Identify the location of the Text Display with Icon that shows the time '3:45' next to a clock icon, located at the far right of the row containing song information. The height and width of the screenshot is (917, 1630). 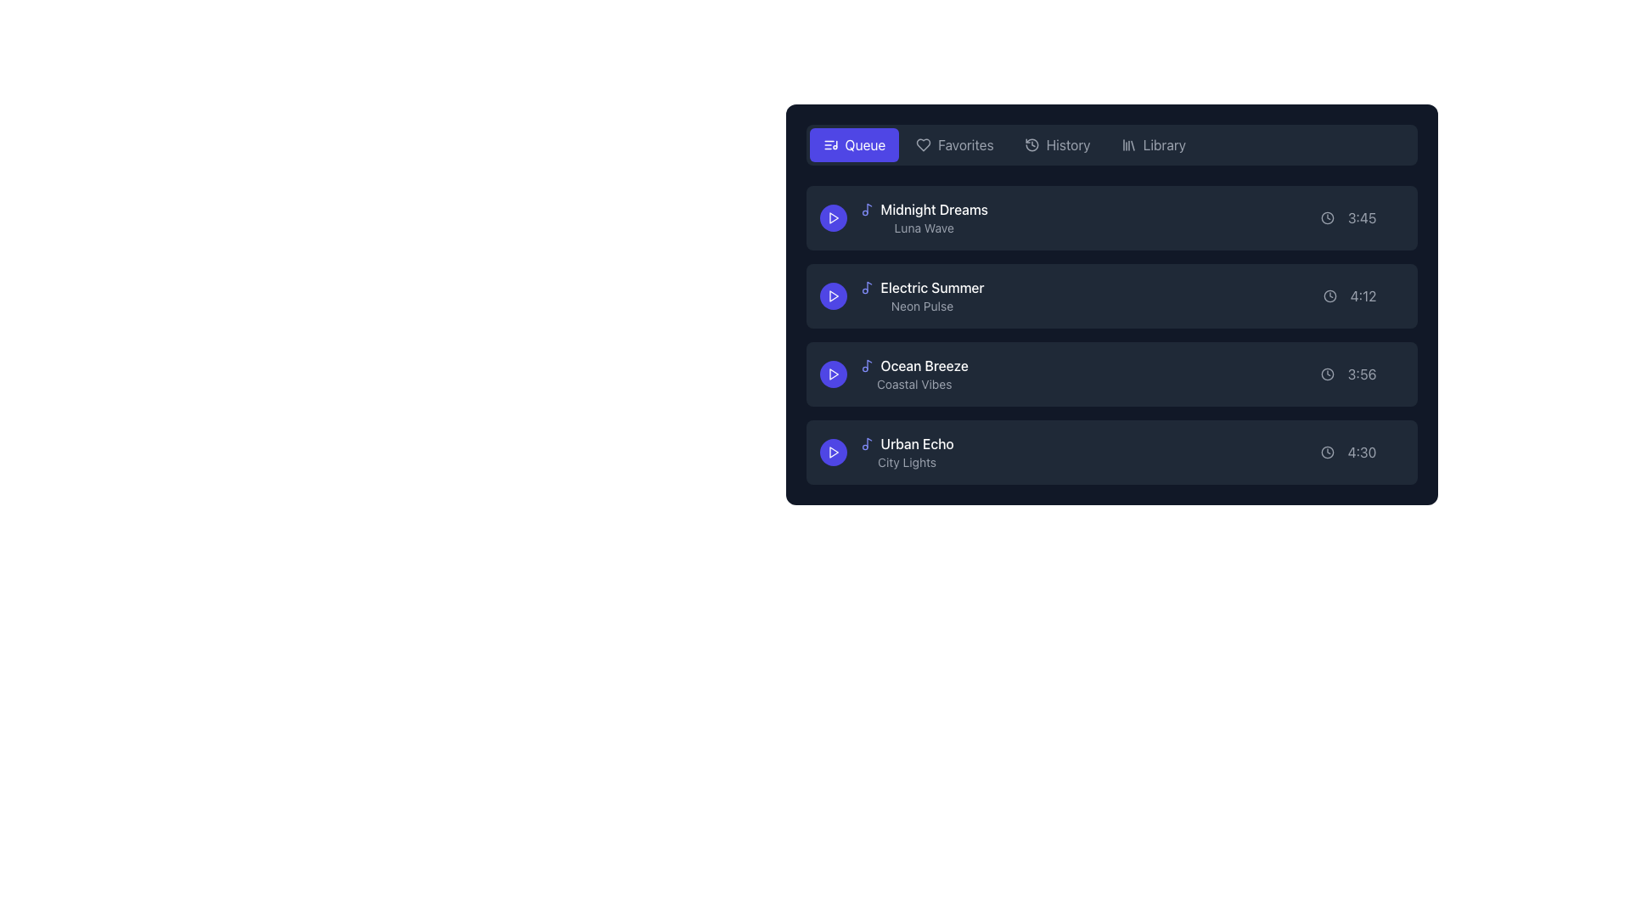
(1362, 217).